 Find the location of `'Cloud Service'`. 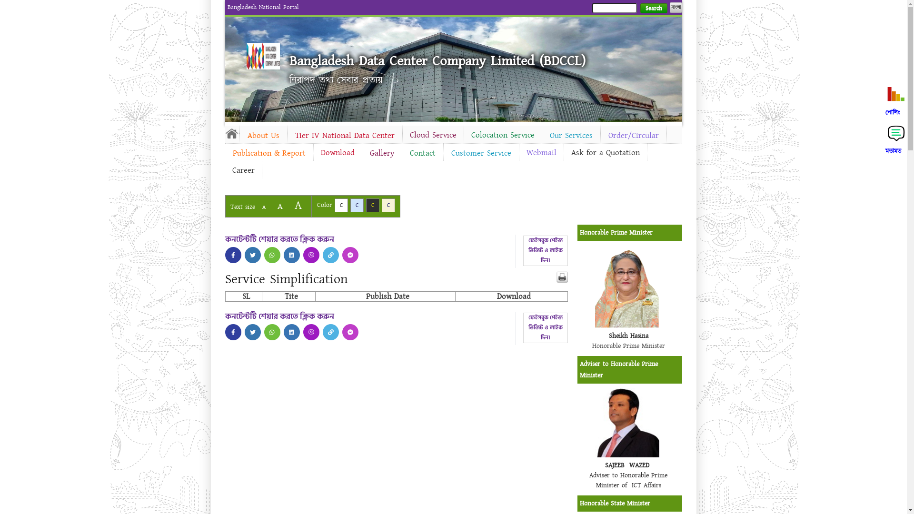

'Cloud Service' is located at coordinates (433, 135).